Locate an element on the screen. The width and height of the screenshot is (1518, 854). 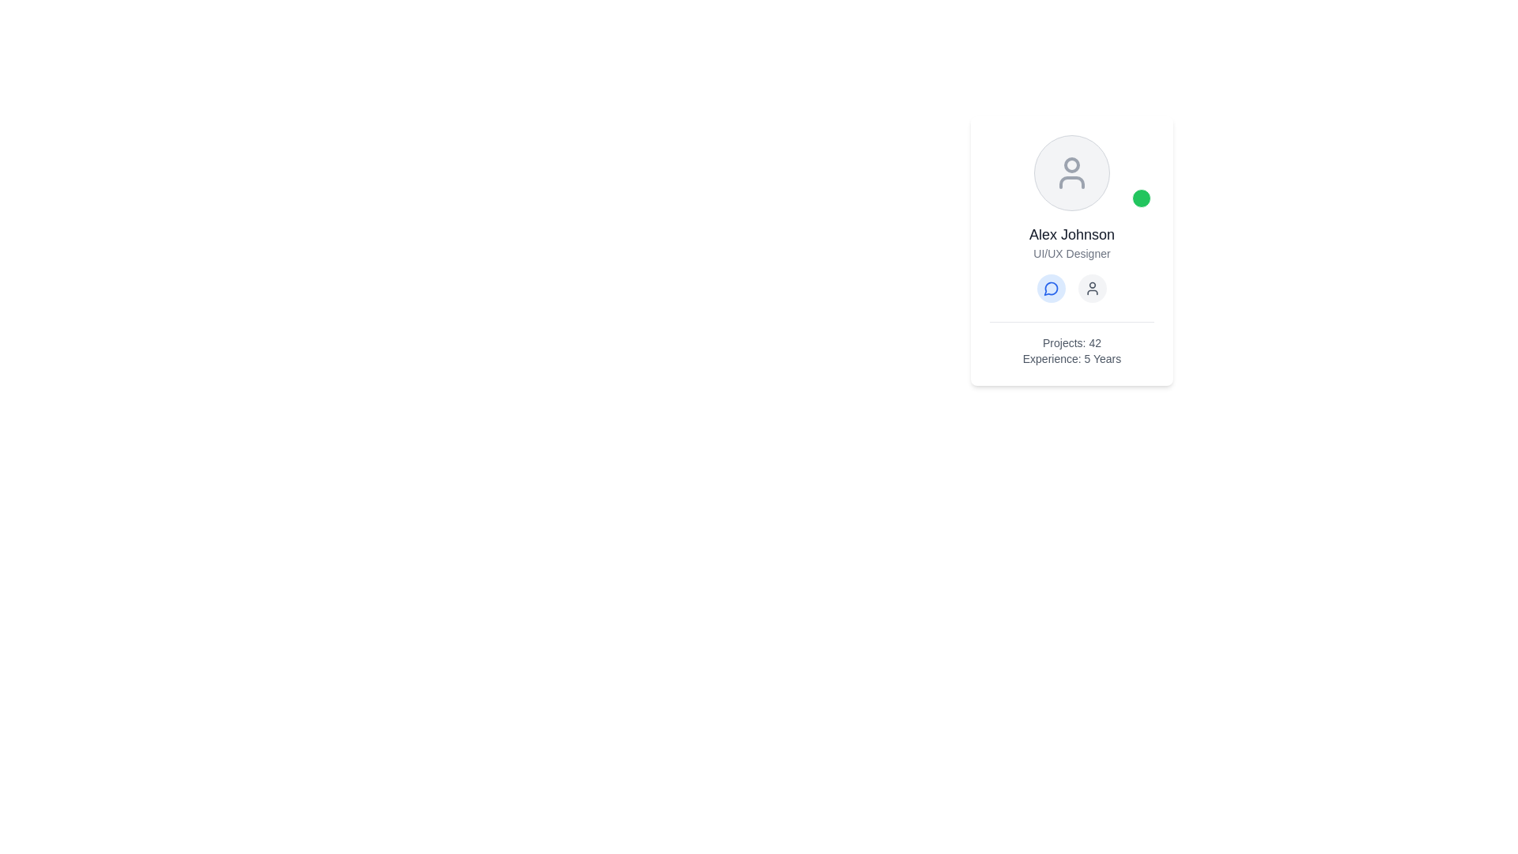
information displayed on the text label that provides the number of projects and years of experience, located at the bottom of the profile card is located at coordinates (1072, 343).